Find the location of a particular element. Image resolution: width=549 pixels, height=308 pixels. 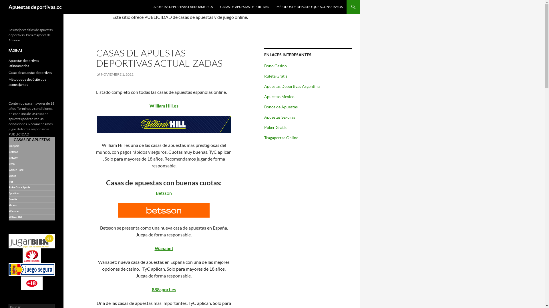

'Casas de apuestas deportivas' is located at coordinates (30, 72).